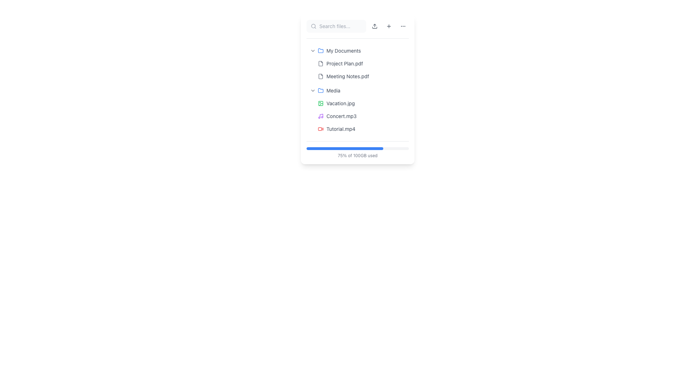 This screenshot has height=384, width=682. What do you see at coordinates (313, 50) in the screenshot?
I see `the Chevron icon next to the 'My Documents' folder` at bounding box center [313, 50].